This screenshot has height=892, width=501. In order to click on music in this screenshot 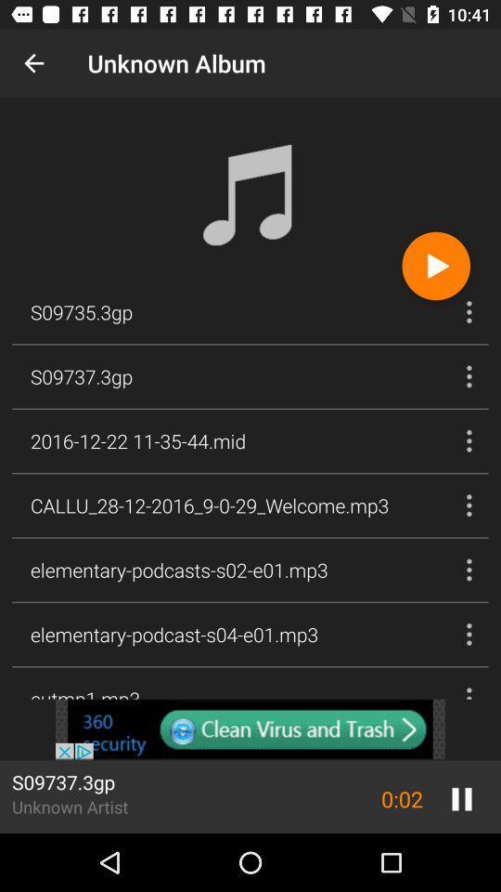, I will do `click(436, 265)`.